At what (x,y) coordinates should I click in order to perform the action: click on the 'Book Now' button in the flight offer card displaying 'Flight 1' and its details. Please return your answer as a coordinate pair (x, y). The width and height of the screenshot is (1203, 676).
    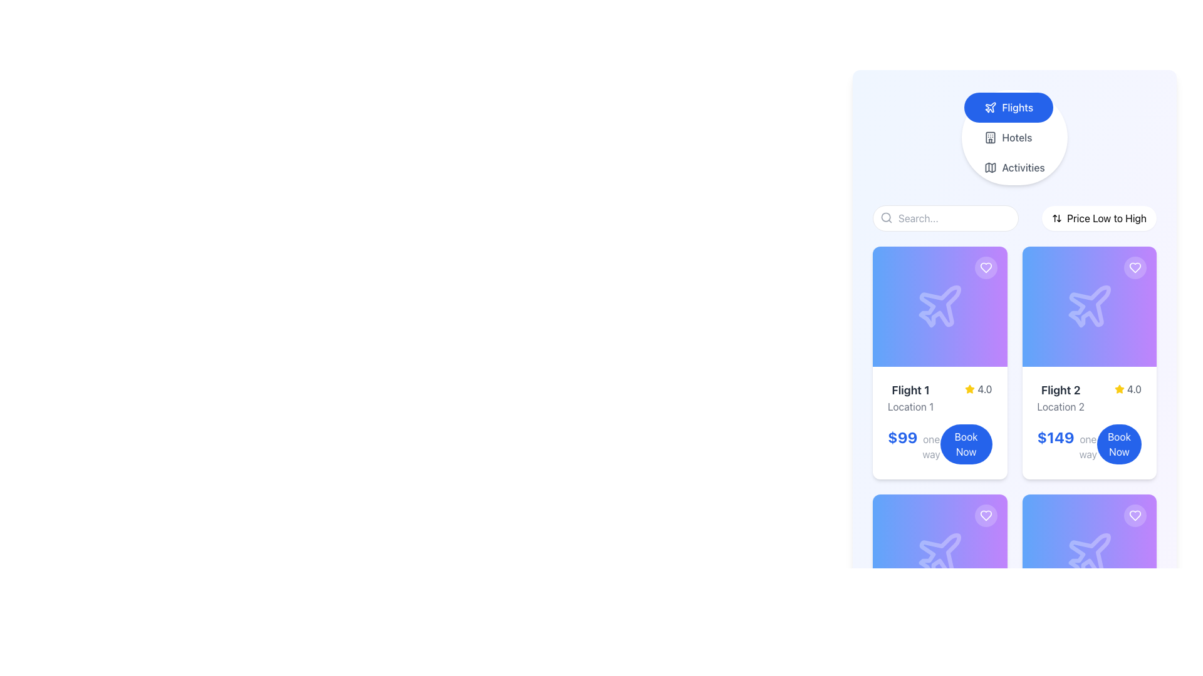
    Looking at the image, I should click on (939, 422).